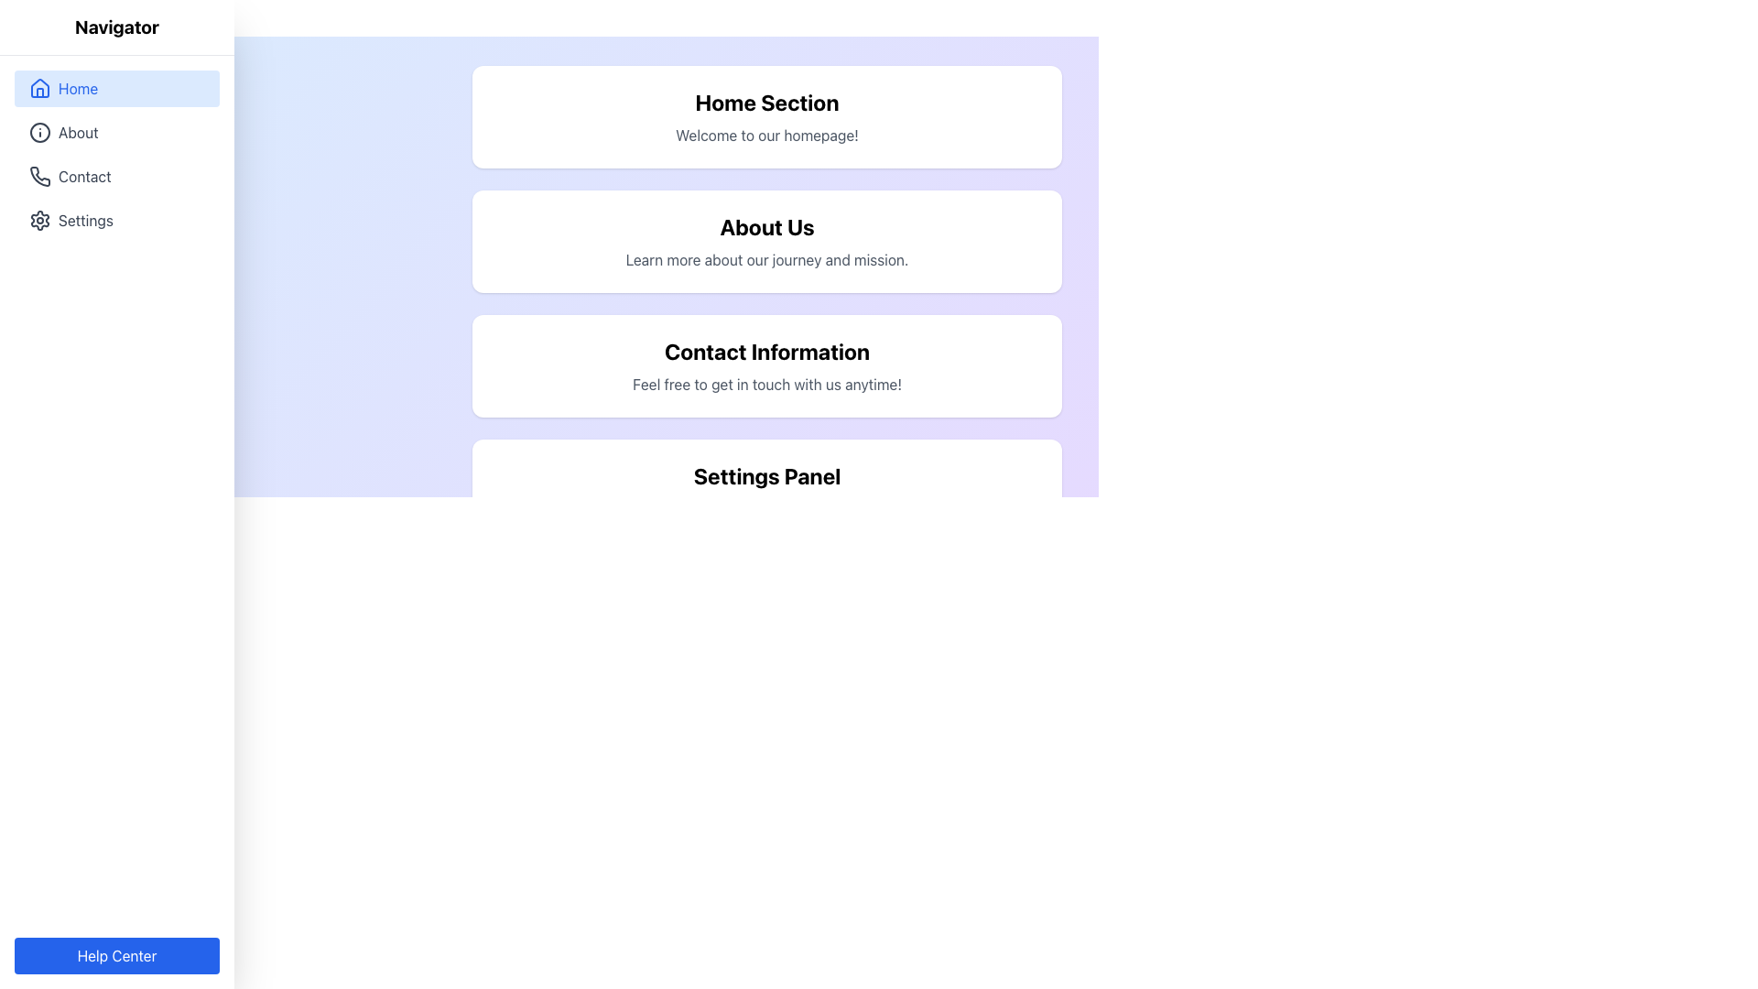 Image resolution: width=1758 pixels, height=989 pixels. Describe the element at coordinates (39, 176) in the screenshot. I see `the phone icon in the 'Contact' section of the navigation menu` at that location.